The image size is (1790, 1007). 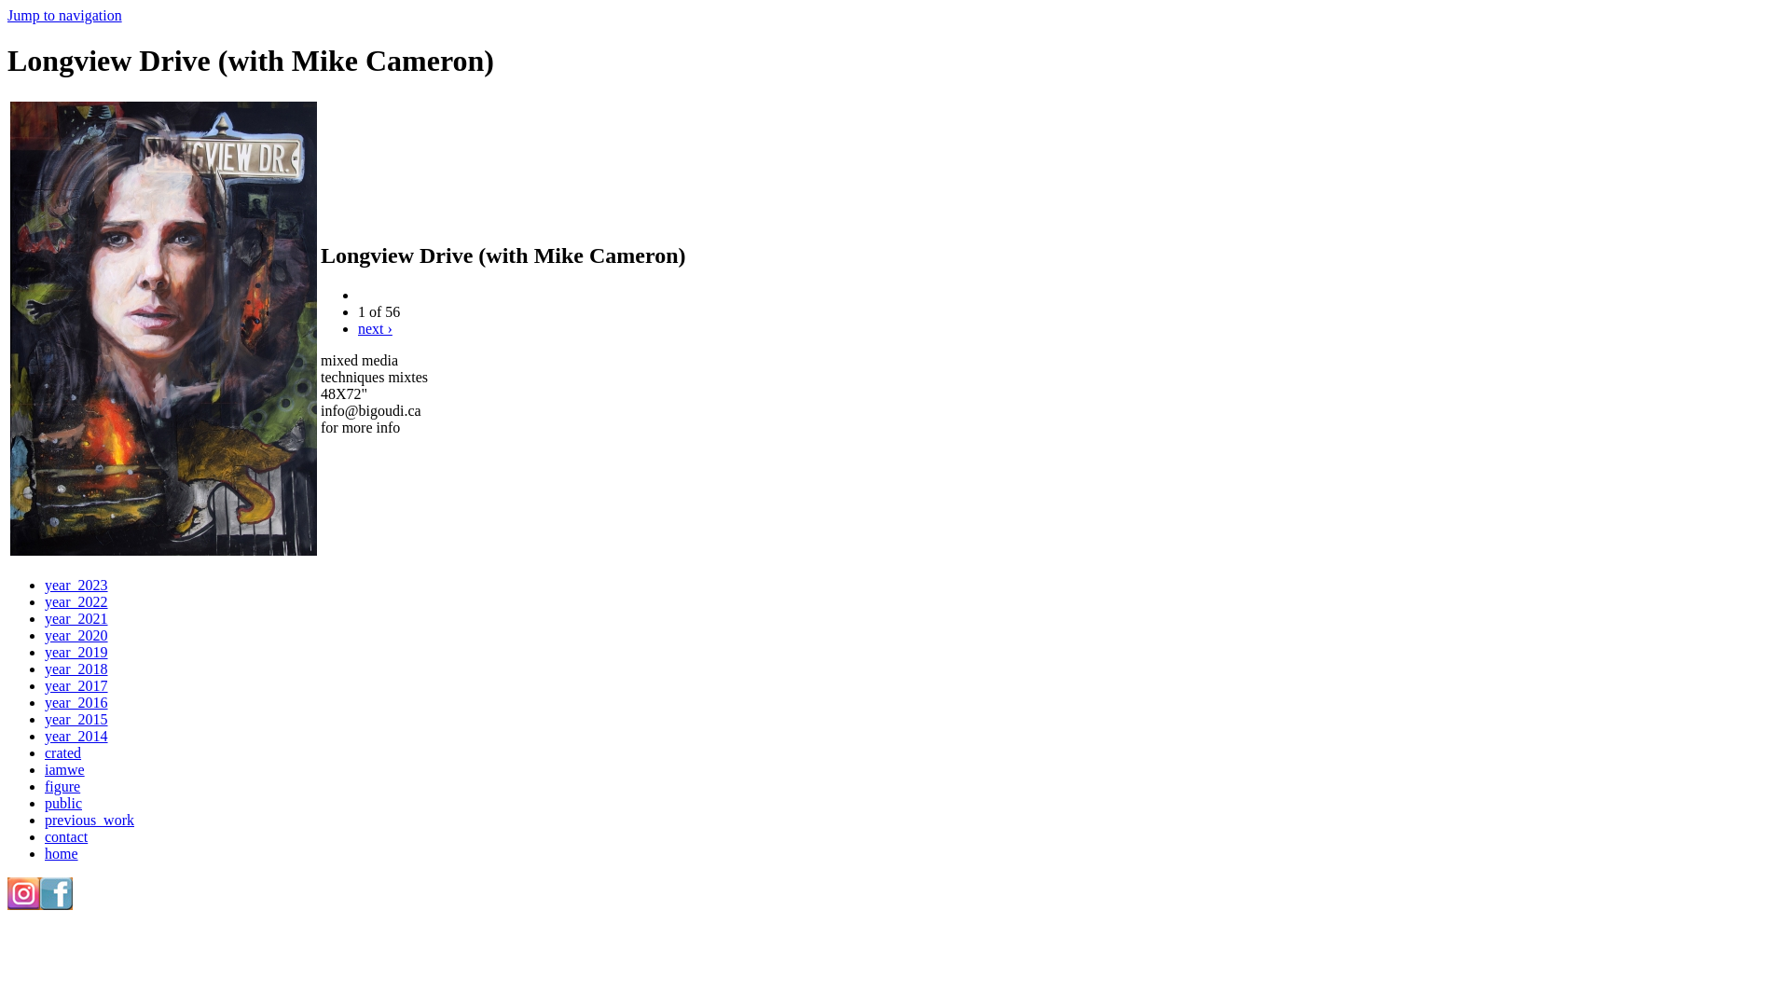 I want to click on 'year_2022', so click(x=75, y=601).